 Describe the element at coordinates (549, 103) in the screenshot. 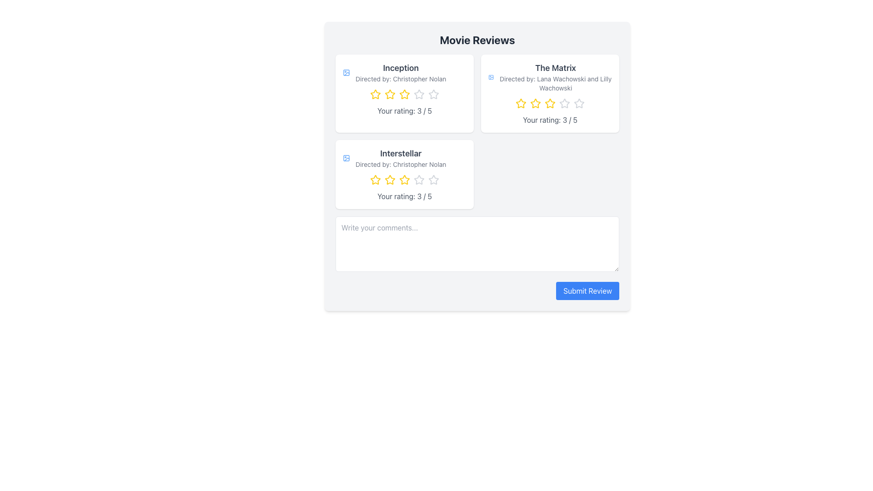

I see `the interactive graphical stars of the rating system for 'The Matrix' to navigate` at that location.